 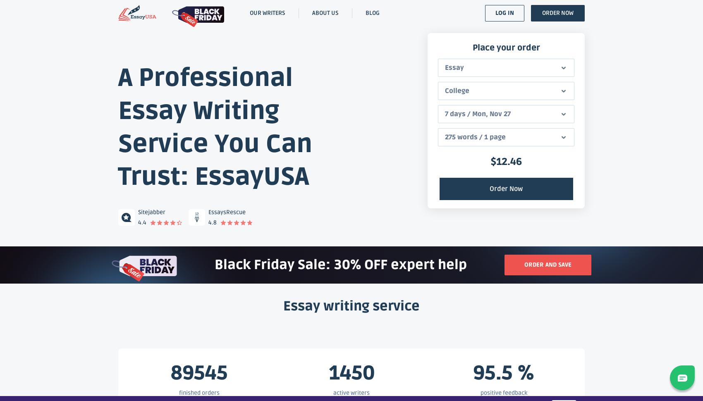 What do you see at coordinates (213, 222) in the screenshot?
I see `'4.8'` at bounding box center [213, 222].